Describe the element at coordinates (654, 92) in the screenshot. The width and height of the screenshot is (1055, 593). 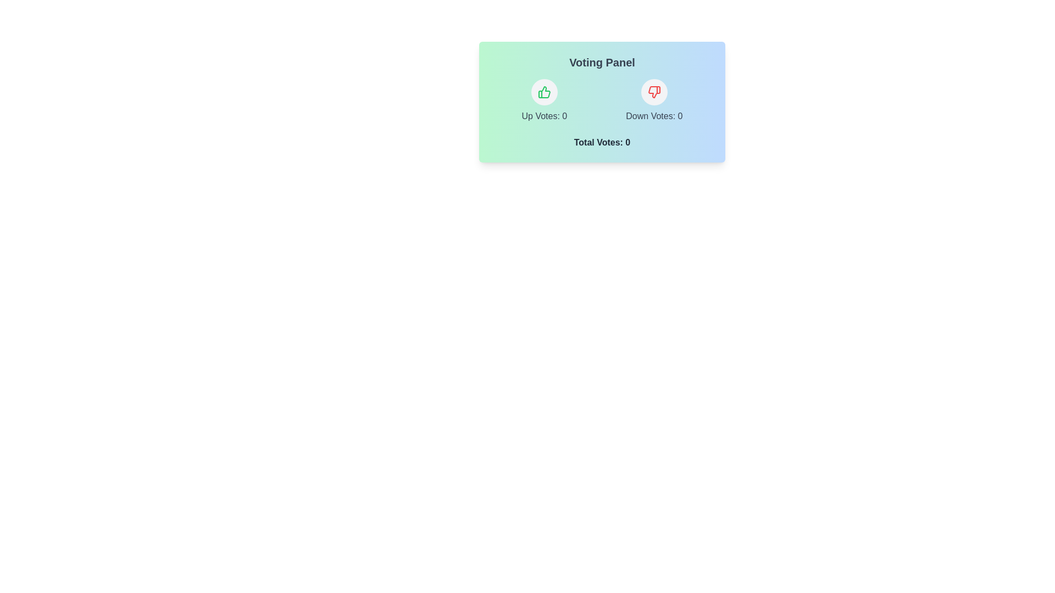
I see `the circular button with a 'thumbs down' icon in the Voting Panel` at that location.